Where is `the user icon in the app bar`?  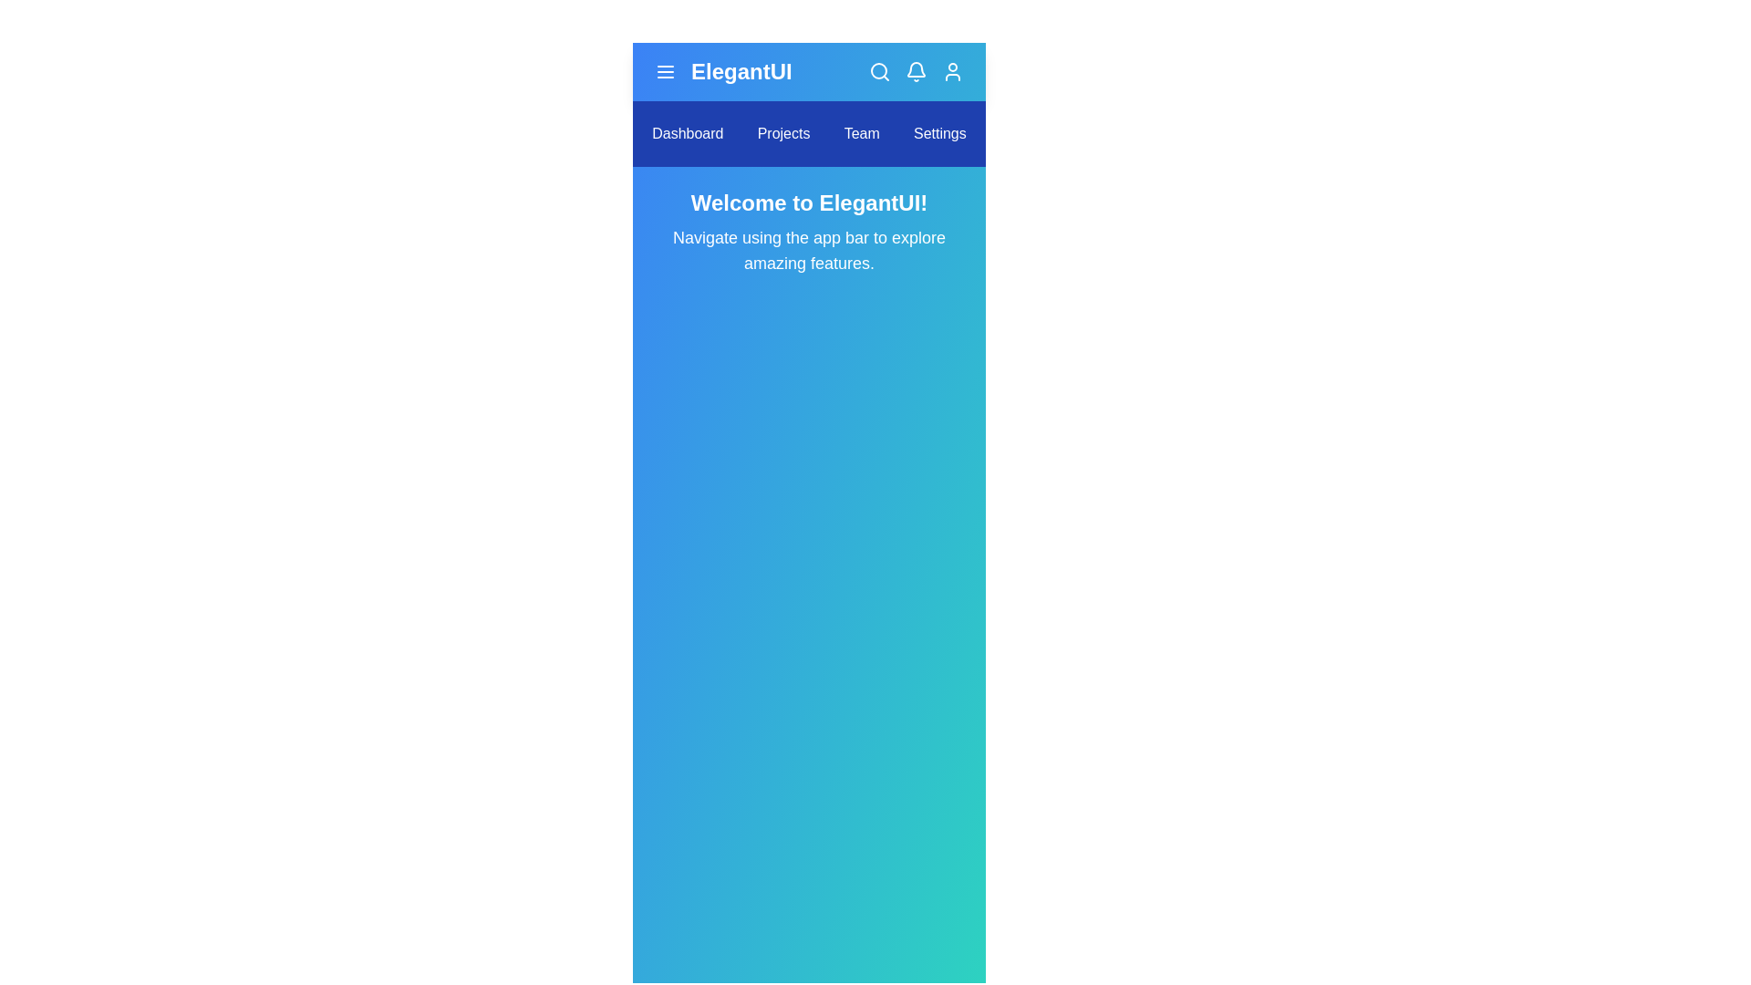 the user icon in the app bar is located at coordinates (952, 70).